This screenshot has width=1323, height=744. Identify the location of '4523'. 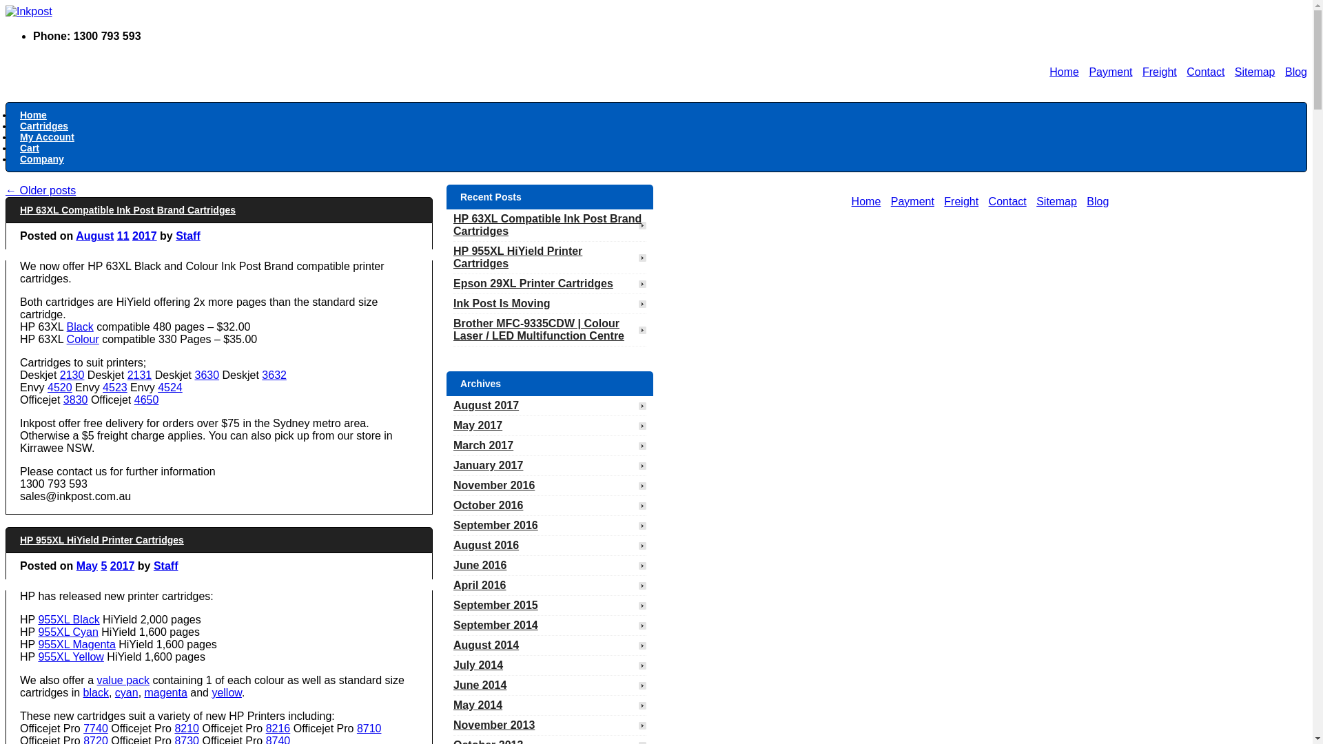
(115, 387).